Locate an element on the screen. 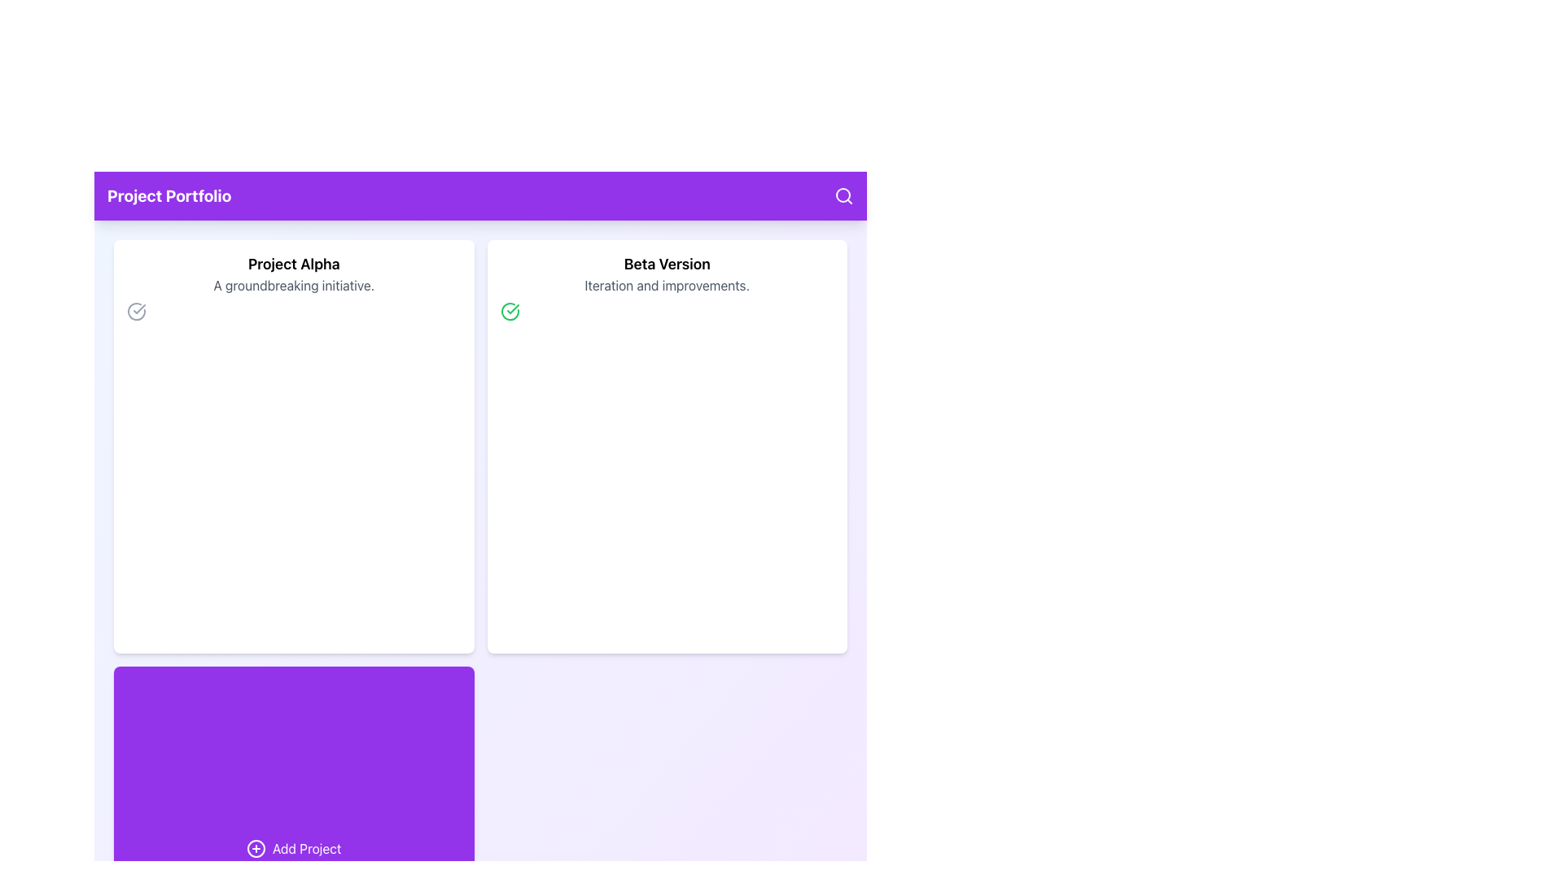 This screenshot has height=879, width=1563. the search icon located on the rightmost side of the header bar containing the text 'Project Portfolio' is located at coordinates (843, 195).